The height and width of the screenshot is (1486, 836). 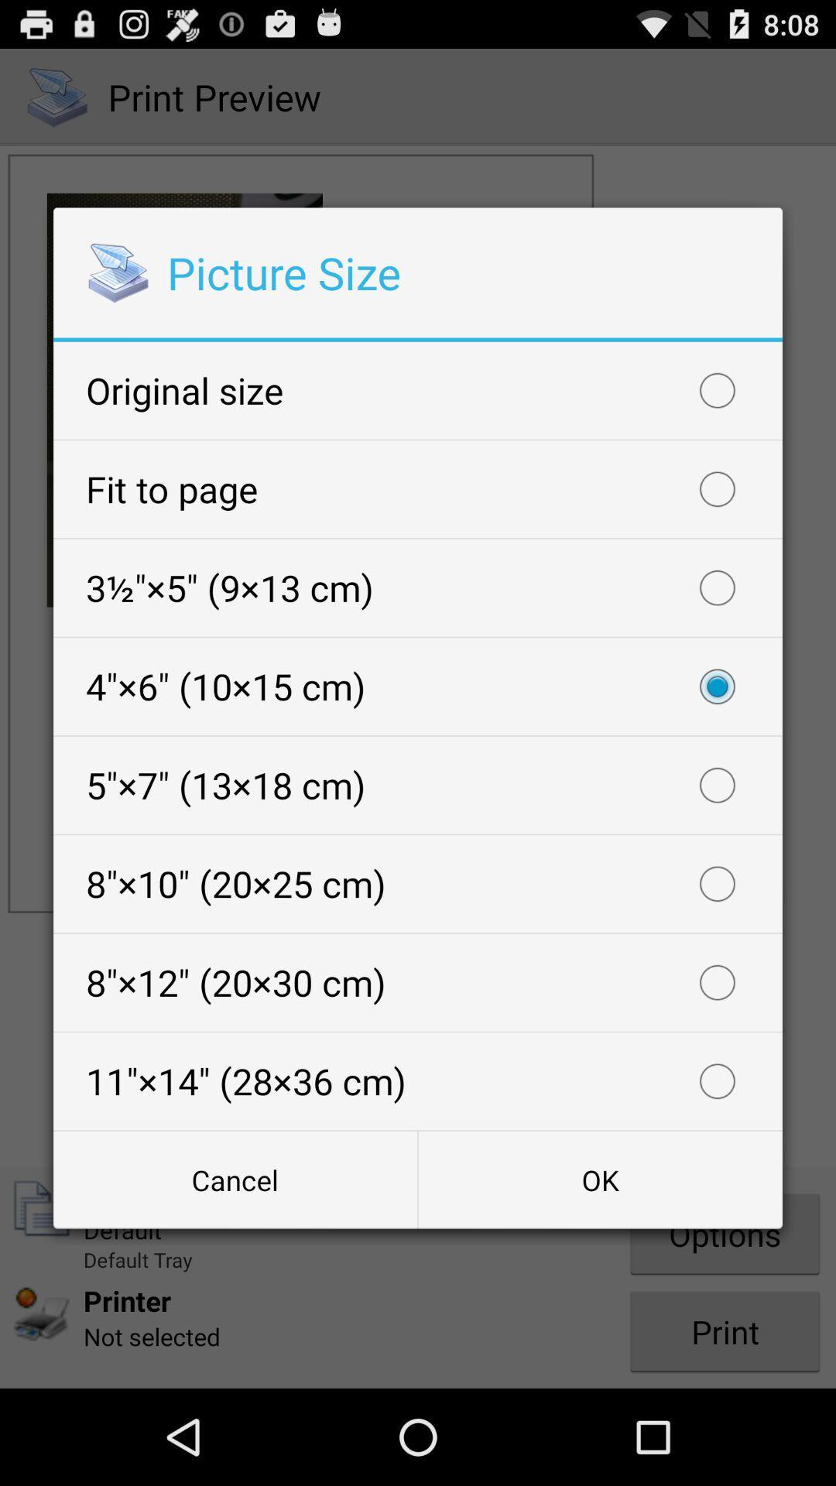 What do you see at coordinates (599, 1179) in the screenshot?
I see `the ok` at bounding box center [599, 1179].